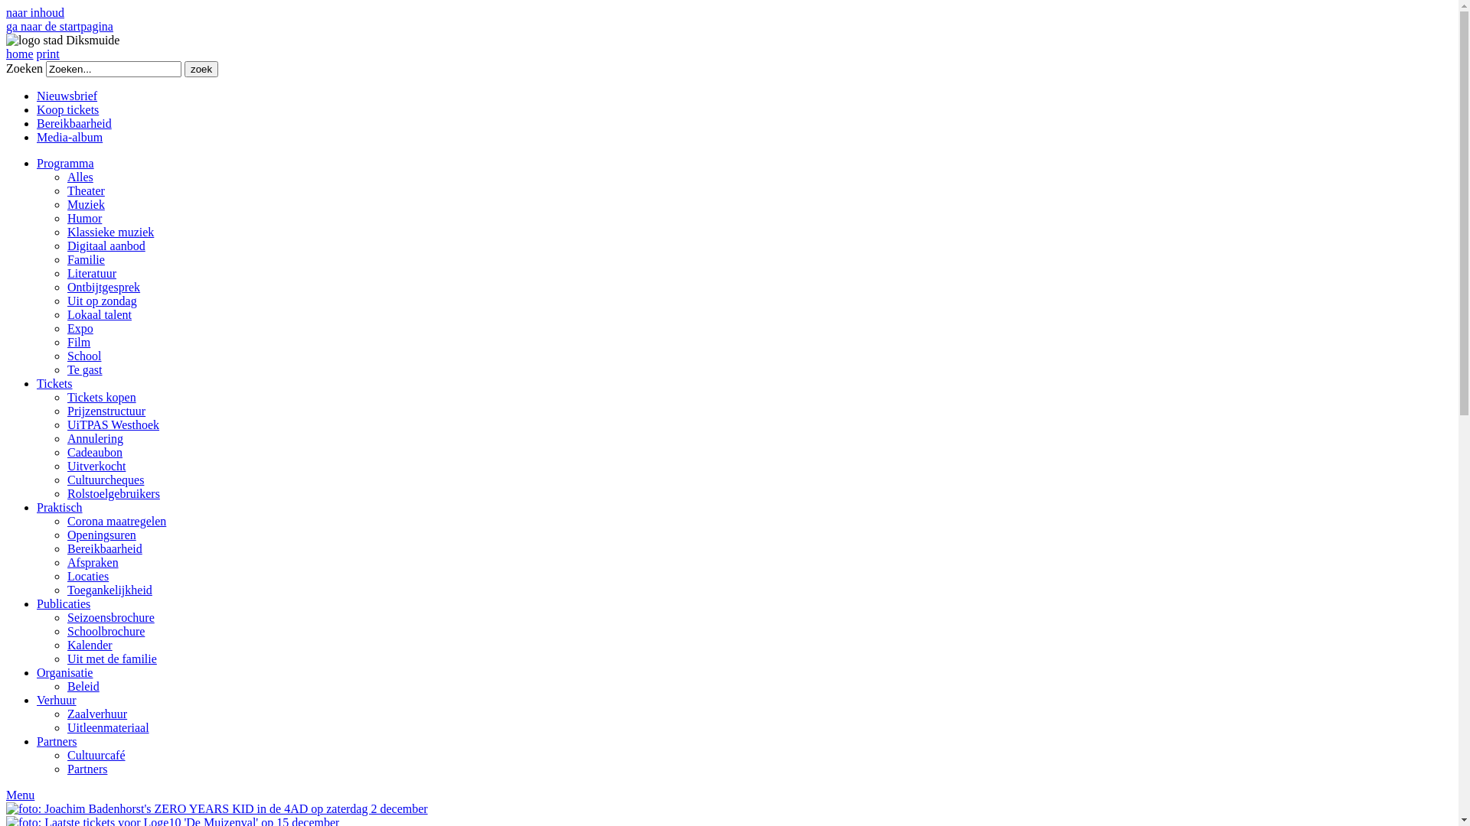  I want to click on 'Rolstoelgebruikers', so click(113, 493).